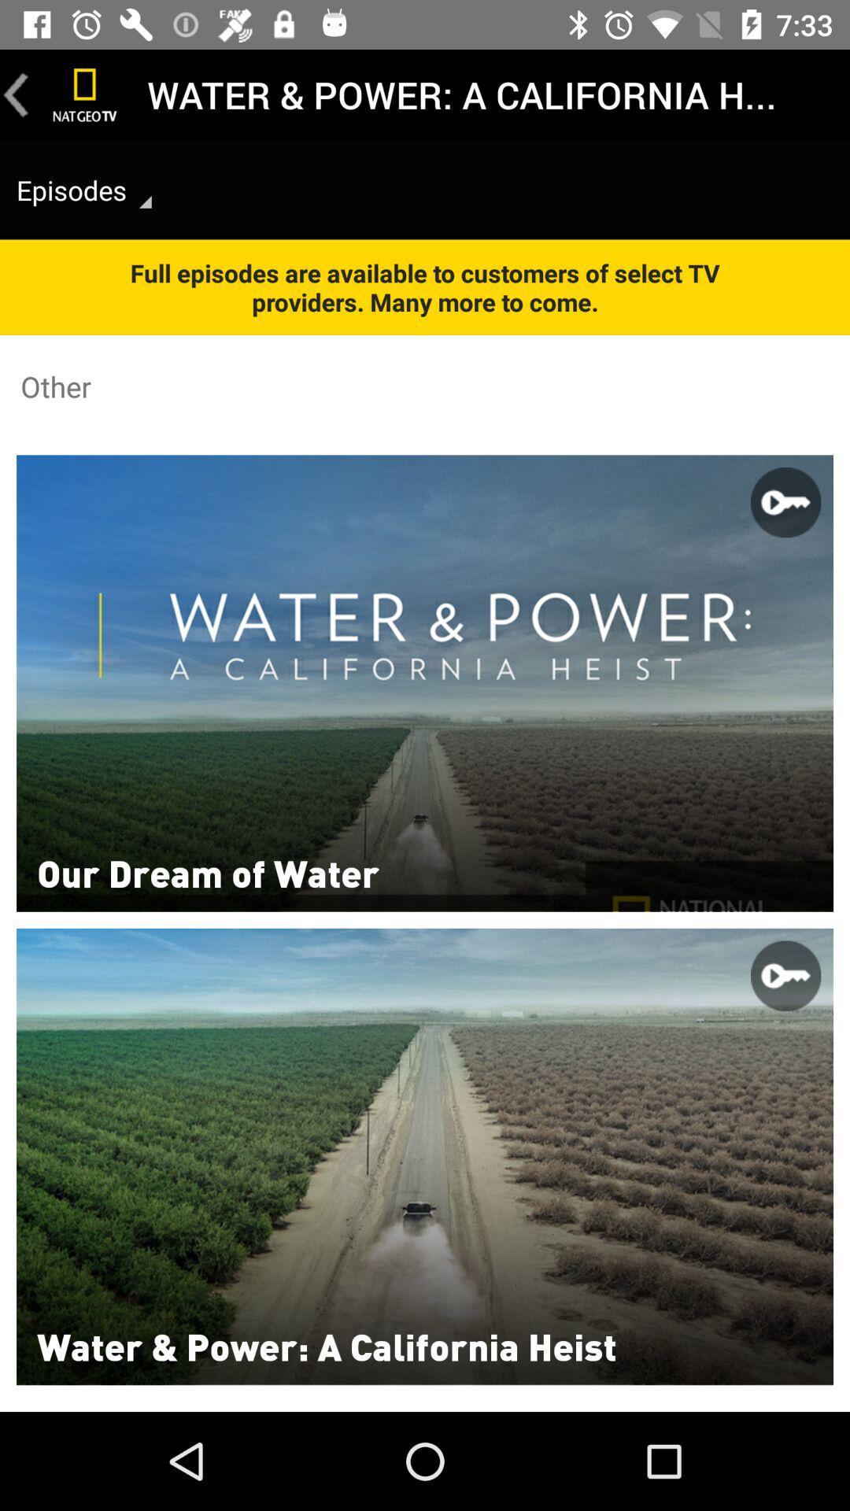  What do you see at coordinates (85, 94) in the screenshot?
I see `nat geo tv` at bounding box center [85, 94].